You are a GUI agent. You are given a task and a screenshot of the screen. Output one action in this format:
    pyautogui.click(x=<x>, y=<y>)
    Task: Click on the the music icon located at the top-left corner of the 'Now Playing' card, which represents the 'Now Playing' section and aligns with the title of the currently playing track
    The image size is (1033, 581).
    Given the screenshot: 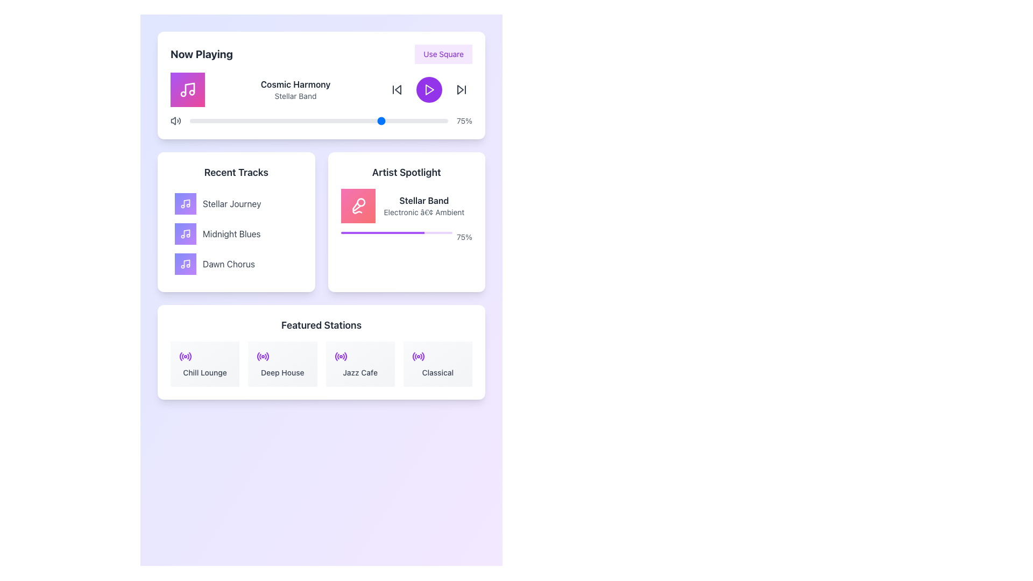 What is the action you would take?
    pyautogui.click(x=188, y=89)
    